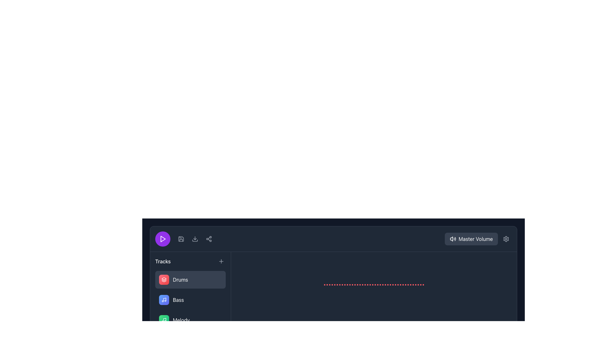 This screenshot has height=341, width=607. What do you see at coordinates (190, 320) in the screenshot?
I see `the 'Melody' button, which is the third entry in the vertical list under the 'Tracks' section` at bounding box center [190, 320].